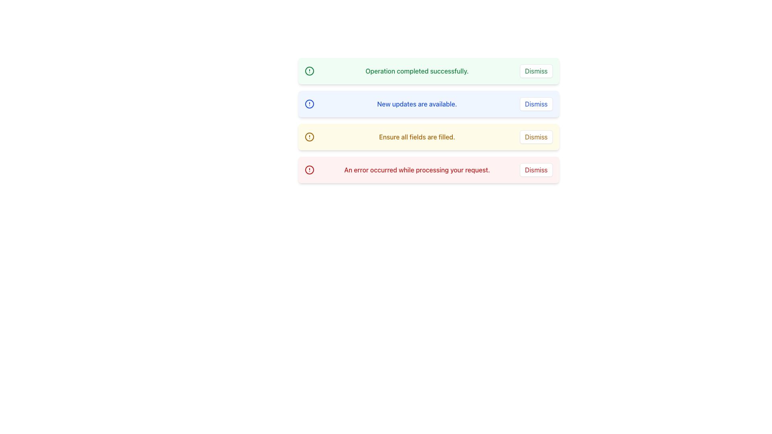  I want to click on the button located in the notification block that dismisses the alert message 'Ensure all fields are filled.', so click(536, 136).